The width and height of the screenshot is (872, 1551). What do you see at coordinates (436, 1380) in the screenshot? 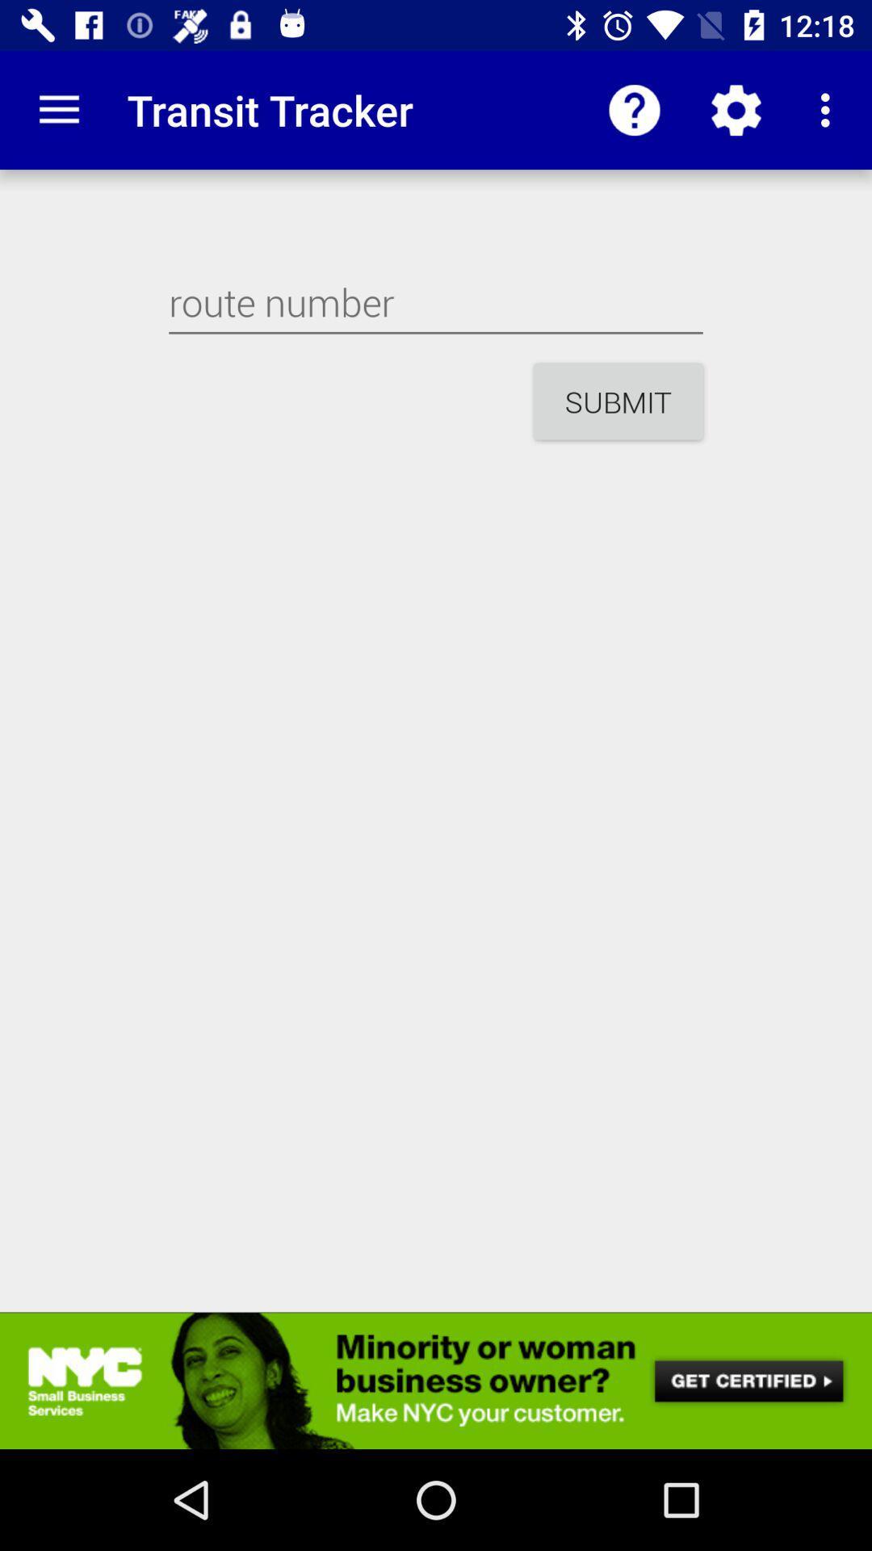
I see `small business services add` at bounding box center [436, 1380].